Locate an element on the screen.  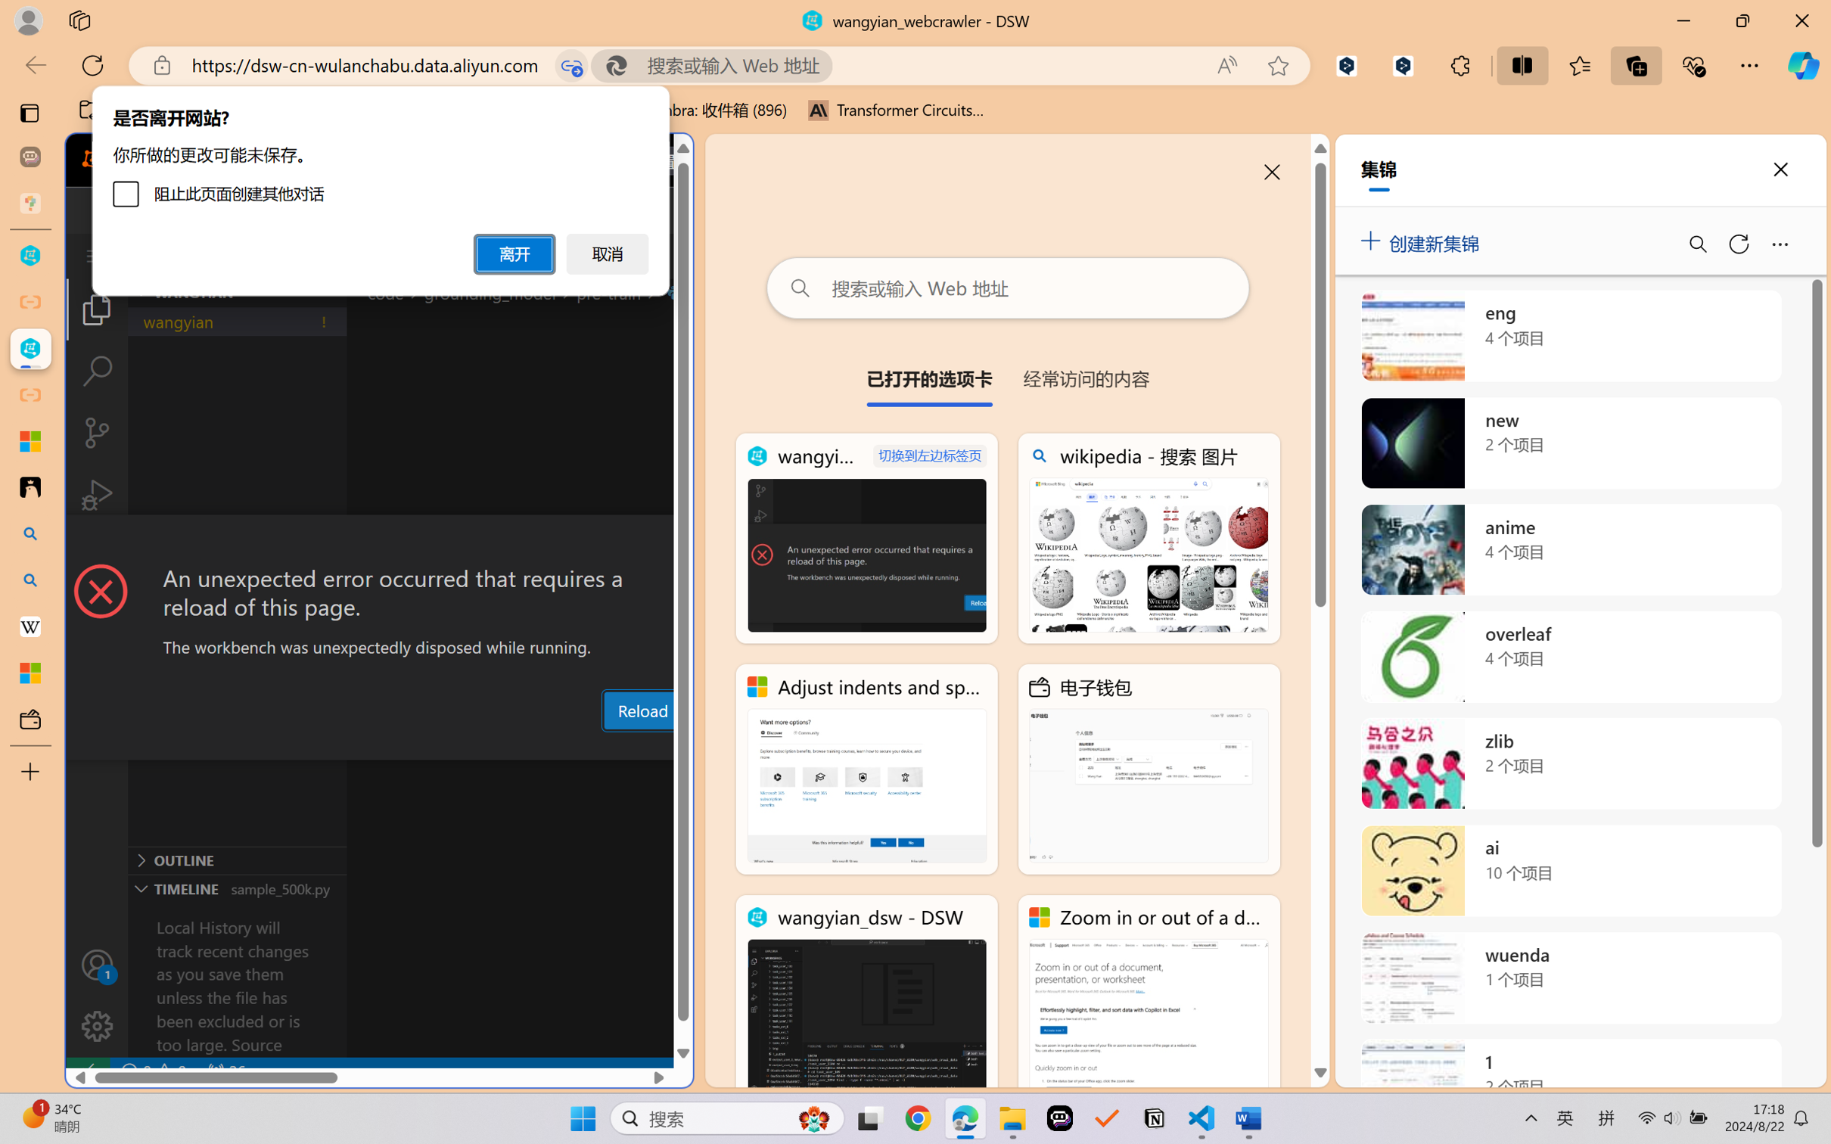
'Extensions (Ctrl+Shift+X)' is located at coordinates (96, 556).